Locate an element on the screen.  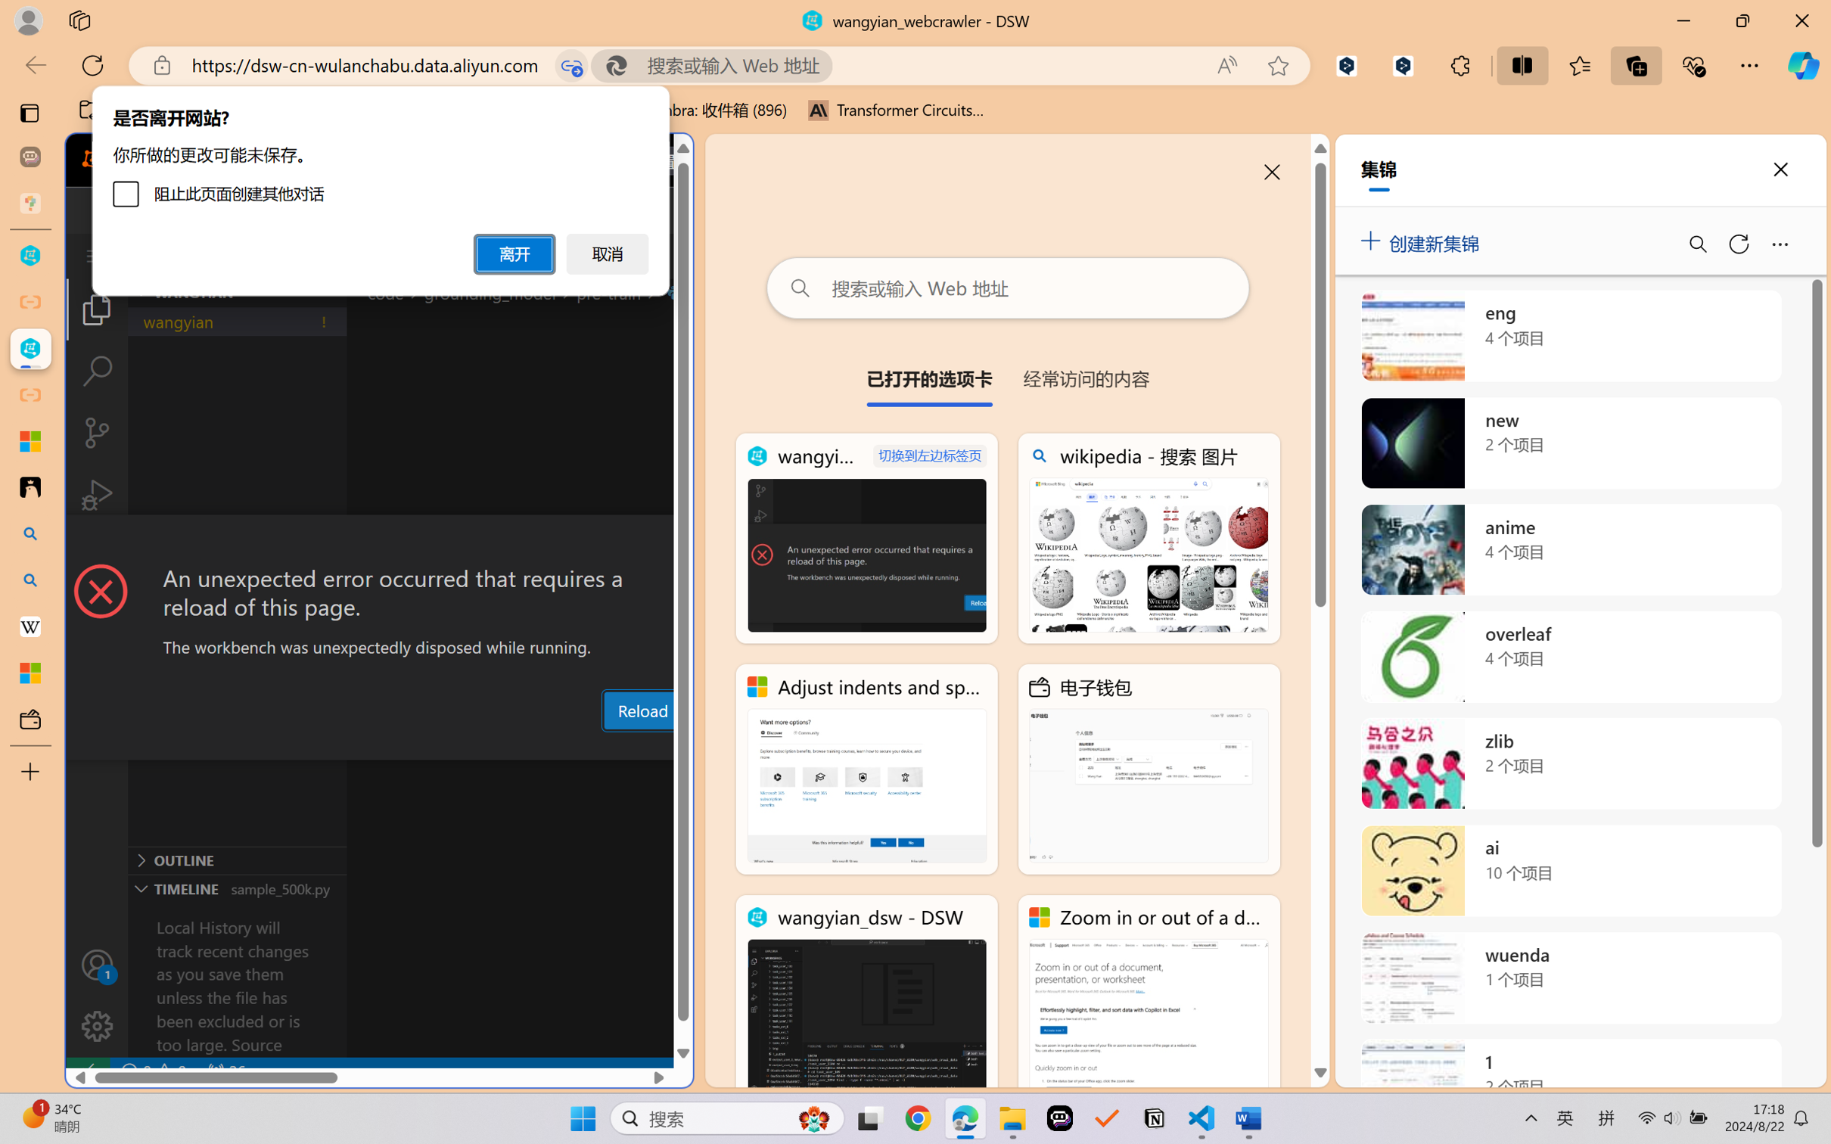
'Extensions (Ctrl+Shift+X)' is located at coordinates (96, 556).